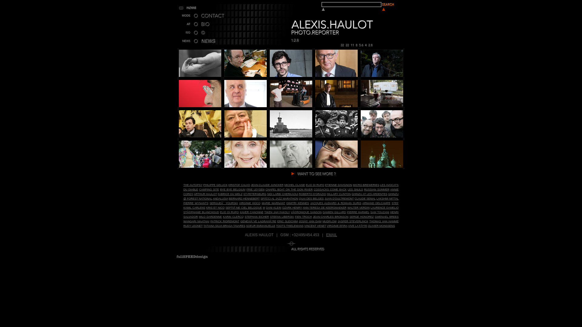 Image resolution: width=582 pixels, height=327 pixels. Describe the element at coordinates (331, 234) in the screenshot. I see `'EMAIL'` at that location.